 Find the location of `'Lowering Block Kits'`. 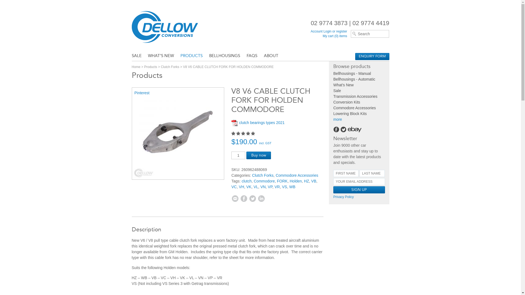

'Lowering Block Kits' is located at coordinates (350, 113).